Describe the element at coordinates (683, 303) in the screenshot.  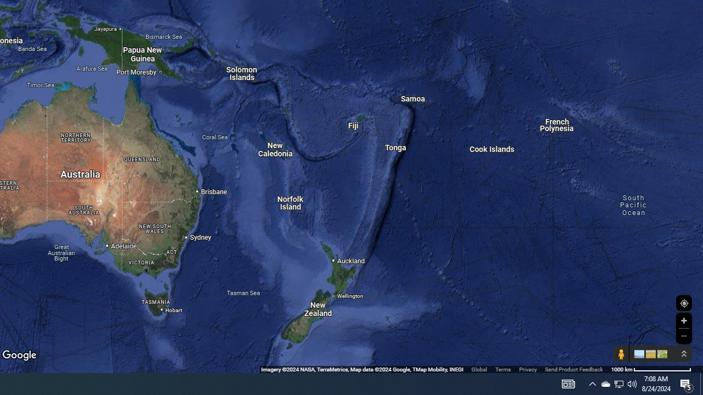
I see `'Show Your Location'` at that location.